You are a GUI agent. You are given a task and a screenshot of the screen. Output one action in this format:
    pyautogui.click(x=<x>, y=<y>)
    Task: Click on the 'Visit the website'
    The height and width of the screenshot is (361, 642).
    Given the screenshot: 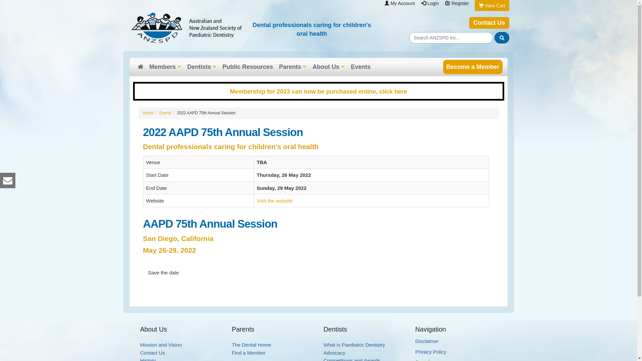 What is the action you would take?
    pyautogui.click(x=275, y=200)
    